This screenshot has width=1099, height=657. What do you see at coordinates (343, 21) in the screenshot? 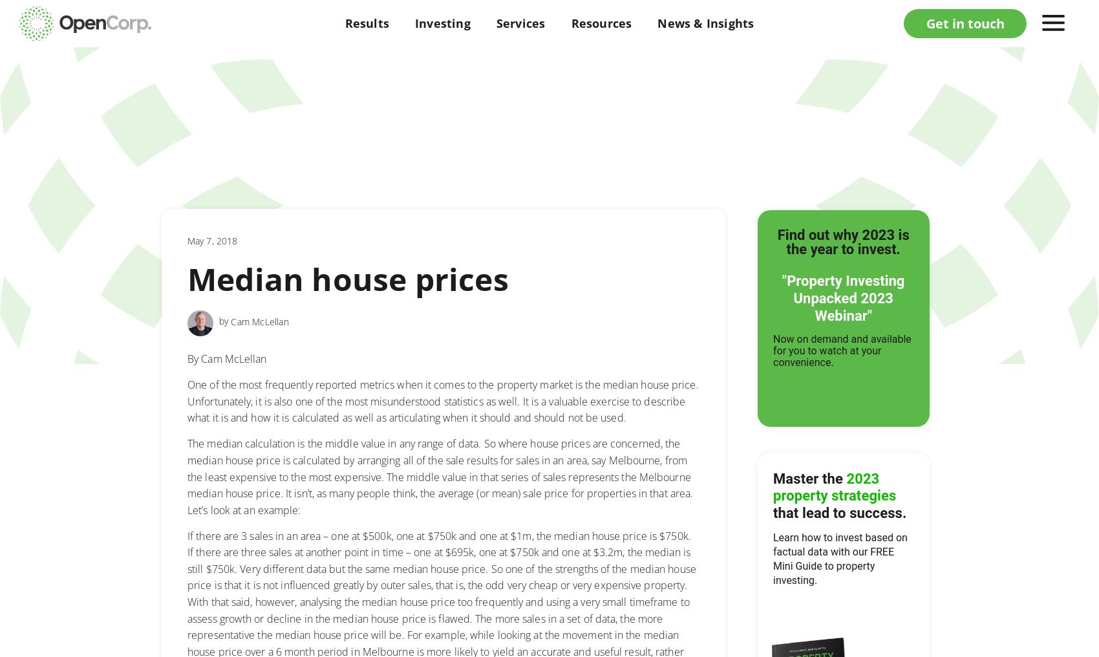
I see `'Results'` at bounding box center [343, 21].